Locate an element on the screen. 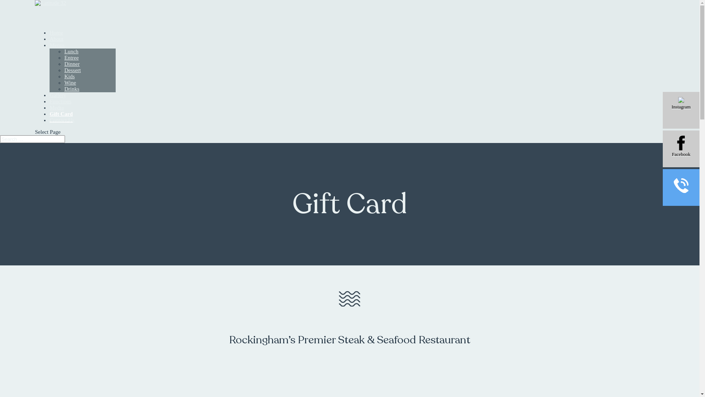  'Contact Us' is located at coordinates (49, 129).